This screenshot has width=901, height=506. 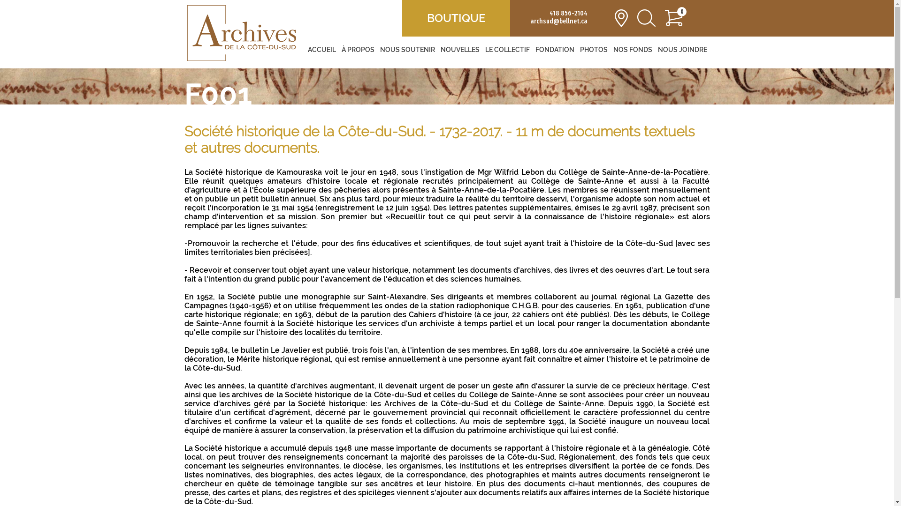 What do you see at coordinates (456, 18) in the screenshot?
I see `'BOUTIQUE'` at bounding box center [456, 18].